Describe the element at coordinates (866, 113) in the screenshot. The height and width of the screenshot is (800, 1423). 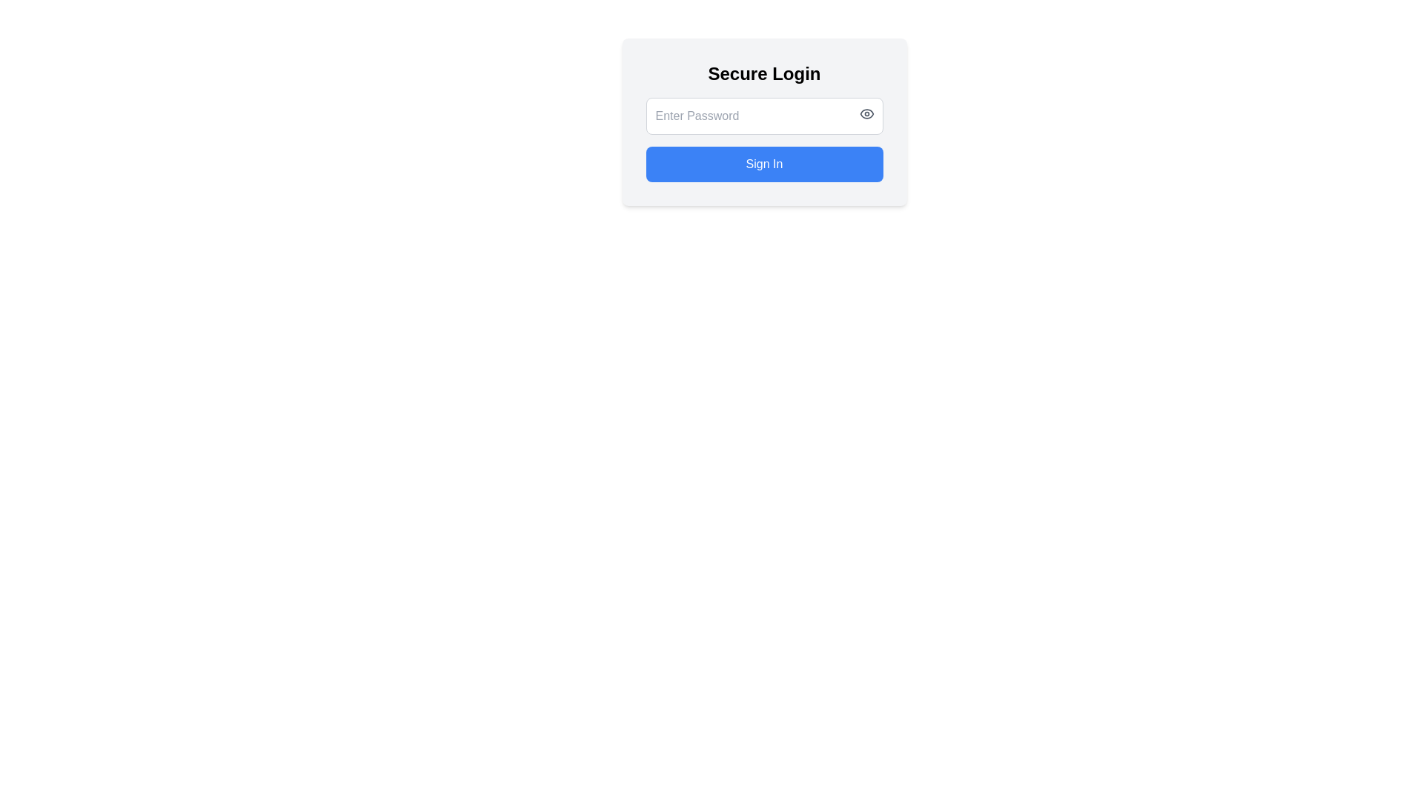
I see `the circular eye icon located at the top right corner of the password input field` at that location.